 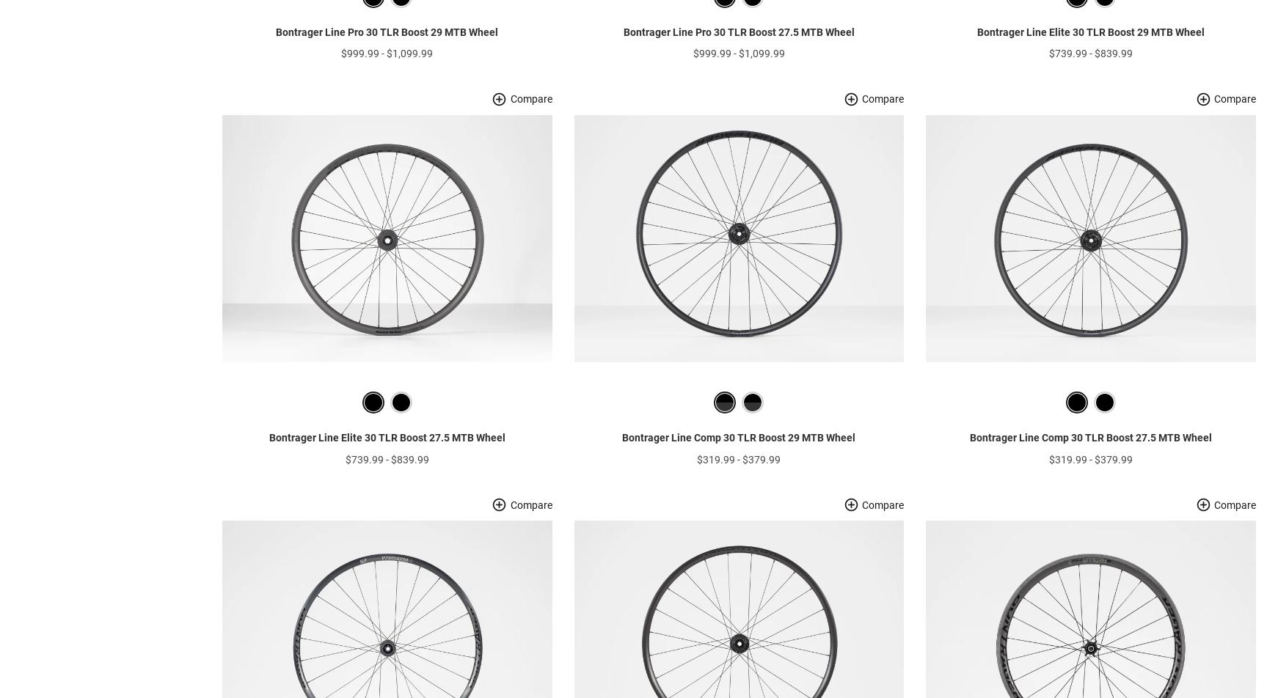 What do you see at coordinates (738, 54) in the screenshot?
I see `'Bontrager Line Pro 30 TLR Boost 27.5 MTB Wheel'` at bounding box center [738, 54].